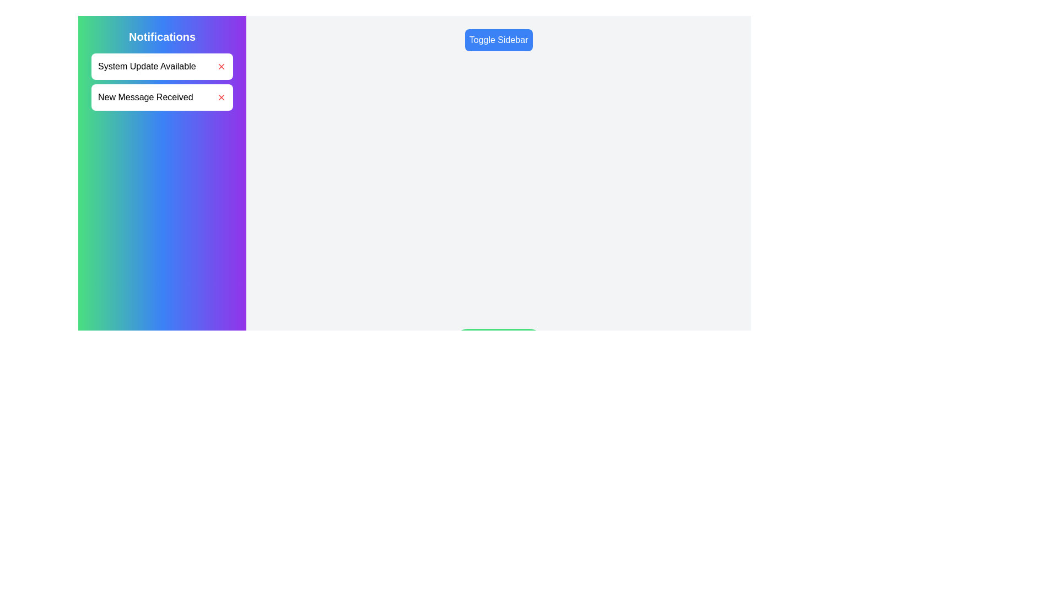 The width and height of the screenshot is (1058, 595). What do you see at coordinates (161, 36) in the screenshot?
I see `the Header or Title Text that indicates the section's purpose for displaying notifications in the sidebar` at bounding box center [161, 36].